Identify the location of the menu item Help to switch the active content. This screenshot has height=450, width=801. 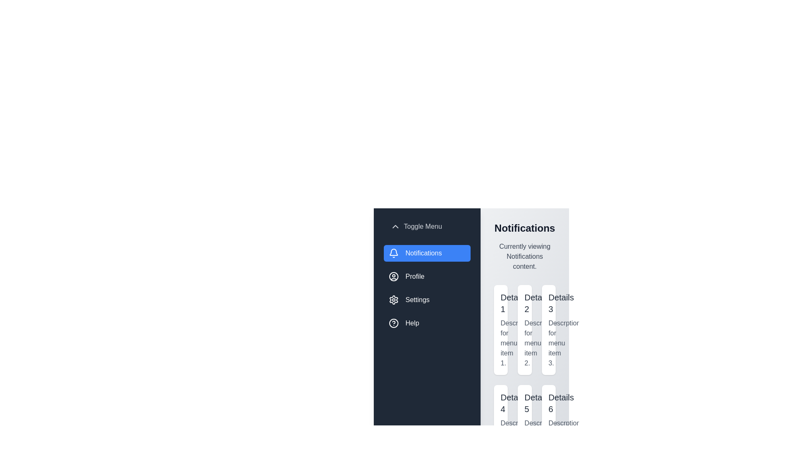
(427, 322).